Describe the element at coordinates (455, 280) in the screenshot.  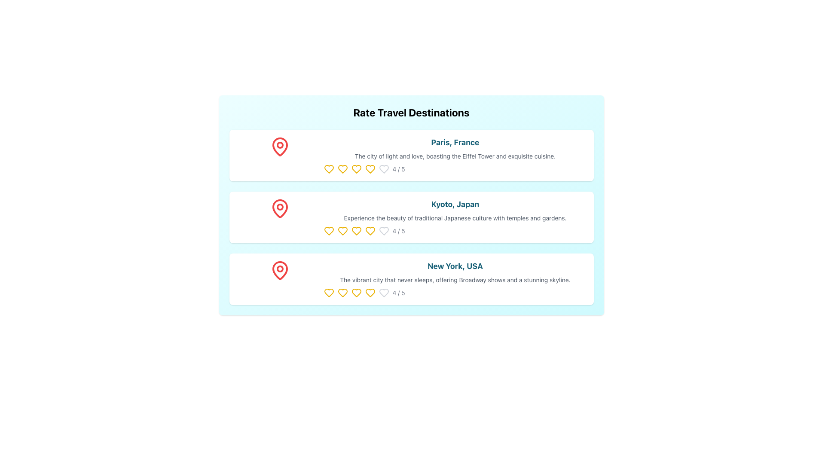
I see `the static text element that provides information about the travel destination 'New York, USA', located beneath the bold header and above the rating indicator` at that location.